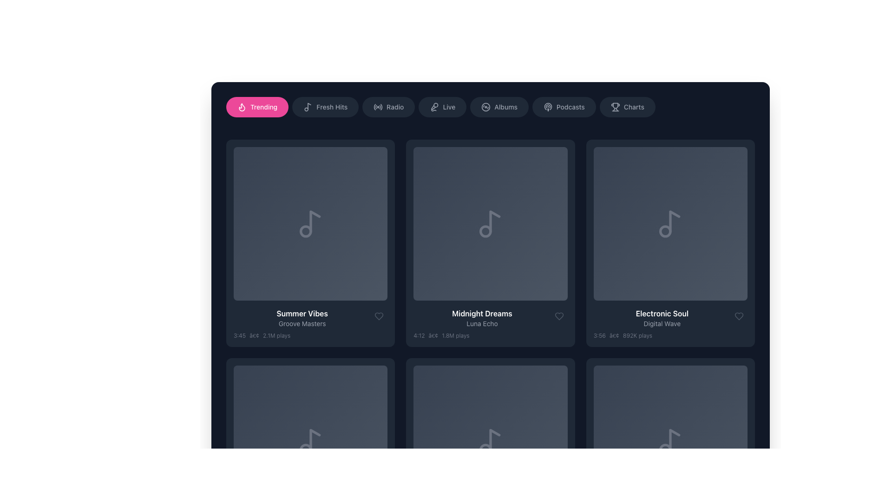 Image resolution: width=892 pixels, height=501 pixels. I want to click on the Text Information Block displaying 'Midnight Dreams' by 'Luna Echo', located in the center card of the second row, positioned below a musical note icon and above a heart-shaped button, so click(482, 323).